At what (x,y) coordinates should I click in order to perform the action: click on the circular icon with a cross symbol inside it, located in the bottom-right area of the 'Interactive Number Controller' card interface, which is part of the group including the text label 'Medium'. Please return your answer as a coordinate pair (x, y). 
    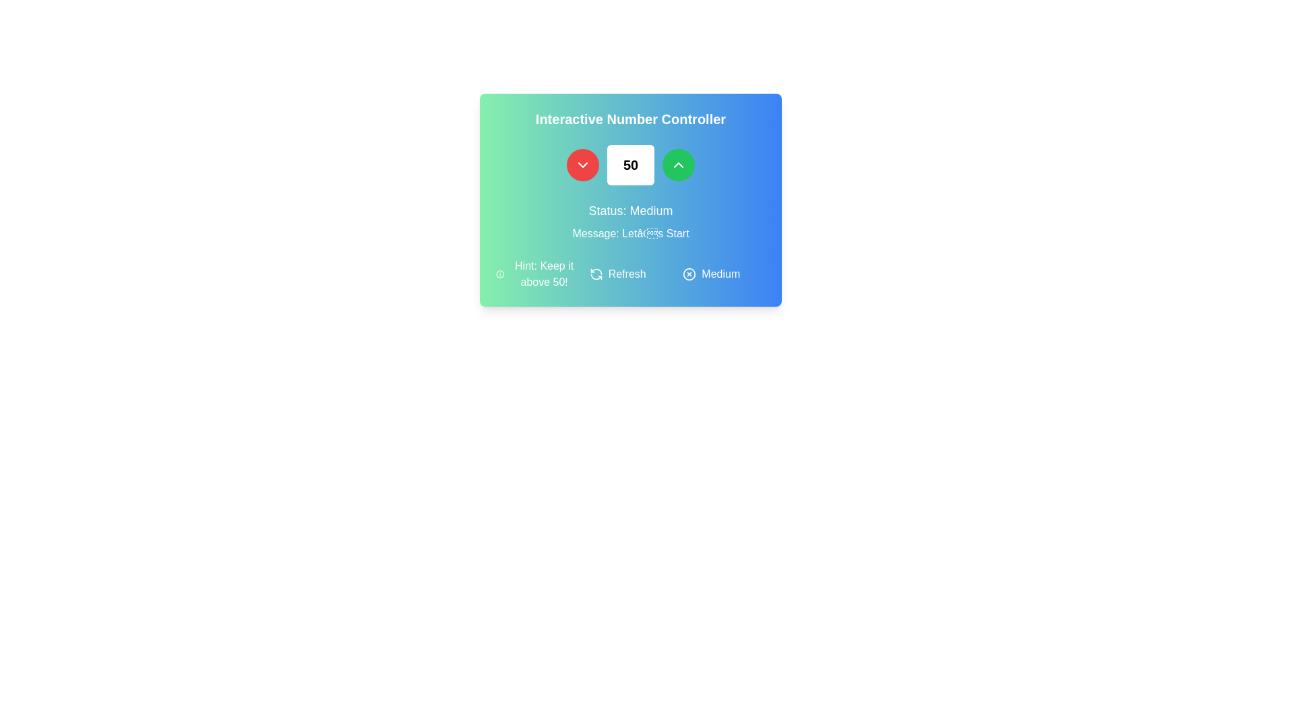
    Looking at the image, I should click on (689, 274).